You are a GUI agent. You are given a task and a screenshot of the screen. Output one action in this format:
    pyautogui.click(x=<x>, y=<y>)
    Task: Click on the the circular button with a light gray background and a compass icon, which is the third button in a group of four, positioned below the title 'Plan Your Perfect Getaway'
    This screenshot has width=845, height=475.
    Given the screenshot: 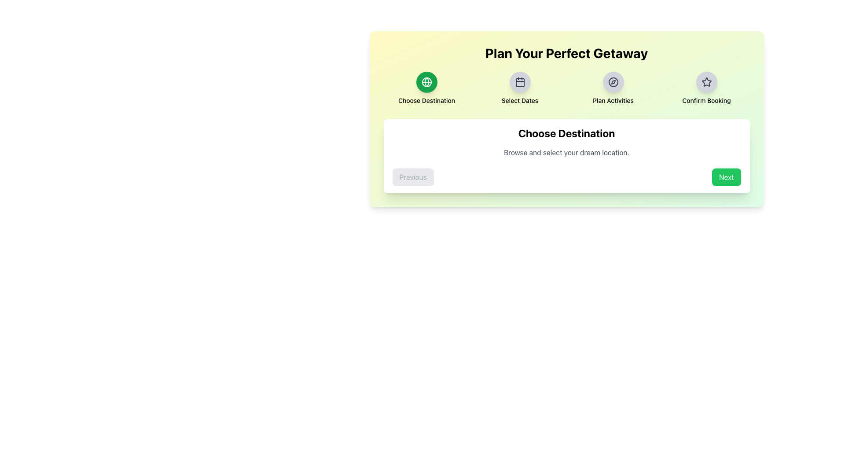 What is the action you would take?
    pyautogui.click(x=613, y=82)
    